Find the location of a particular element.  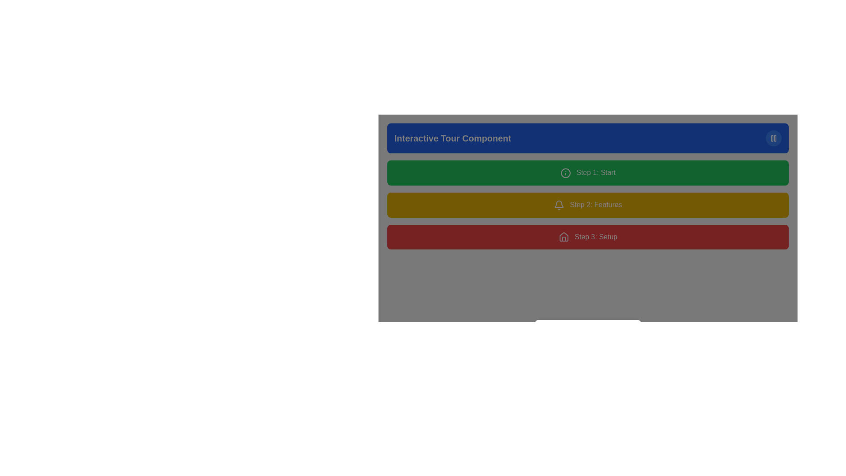

the navigational button for 'Features', located as the second item in the vertical list between 'Step 1: Start' and 'Step 3: Setup' is located at coordinates (588, 205).